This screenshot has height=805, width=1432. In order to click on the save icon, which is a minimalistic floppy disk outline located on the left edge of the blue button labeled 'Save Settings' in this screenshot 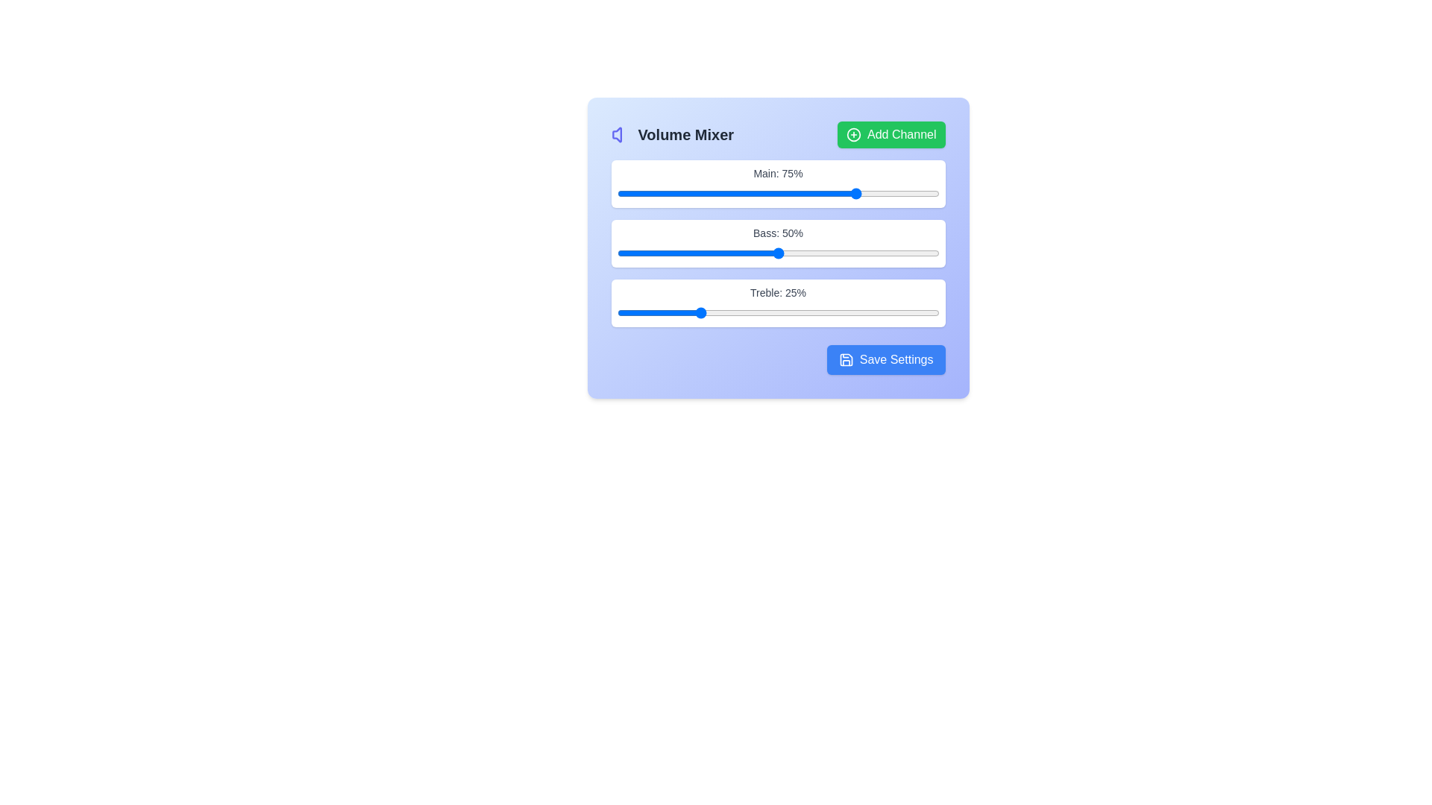, I will do `click(846, 359)`.